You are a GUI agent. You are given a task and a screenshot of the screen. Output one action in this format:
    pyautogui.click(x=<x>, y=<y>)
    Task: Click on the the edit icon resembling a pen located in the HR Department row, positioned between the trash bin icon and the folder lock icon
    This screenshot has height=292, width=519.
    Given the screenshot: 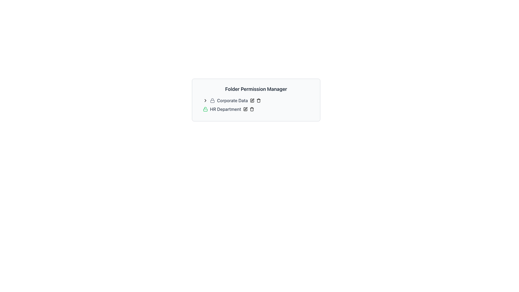 What is the action you would take?
    pyautogui.click(x=245, y=109)
    